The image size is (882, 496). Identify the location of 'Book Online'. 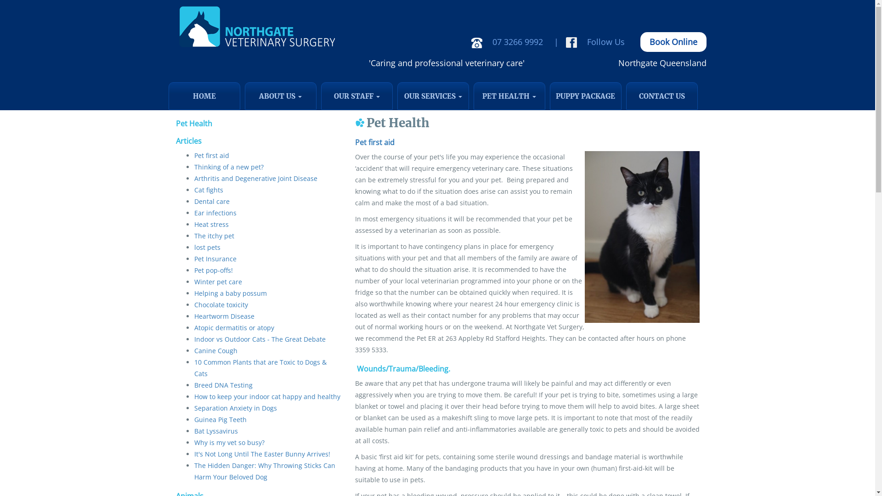
(673, 42).